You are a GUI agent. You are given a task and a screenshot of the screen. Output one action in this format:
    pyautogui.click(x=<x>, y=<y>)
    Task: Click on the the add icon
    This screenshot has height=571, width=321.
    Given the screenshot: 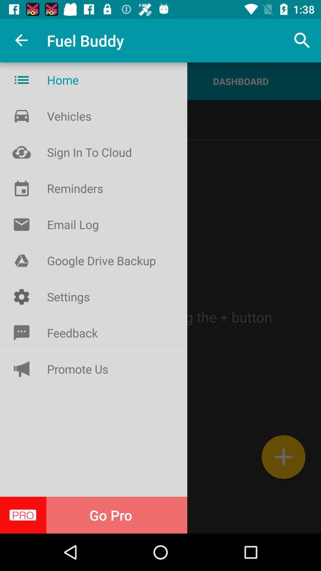 What is the action you would take?
    pyautogui.click(x=283, y=457)
    